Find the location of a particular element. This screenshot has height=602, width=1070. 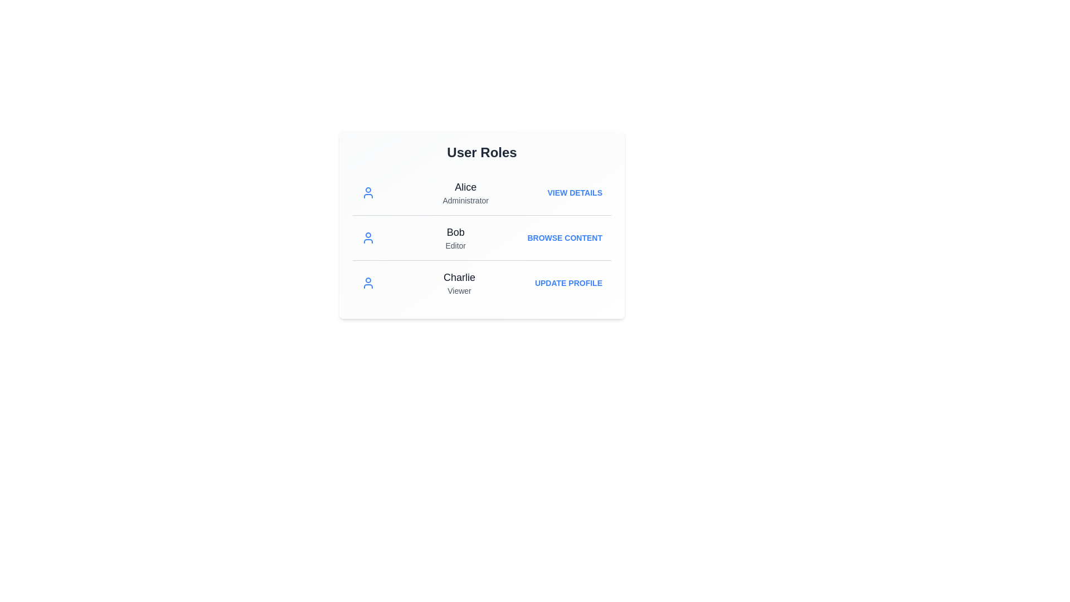

the link on the far-right of the user information row for 'Charlie' is located at coordinates (568, 283).